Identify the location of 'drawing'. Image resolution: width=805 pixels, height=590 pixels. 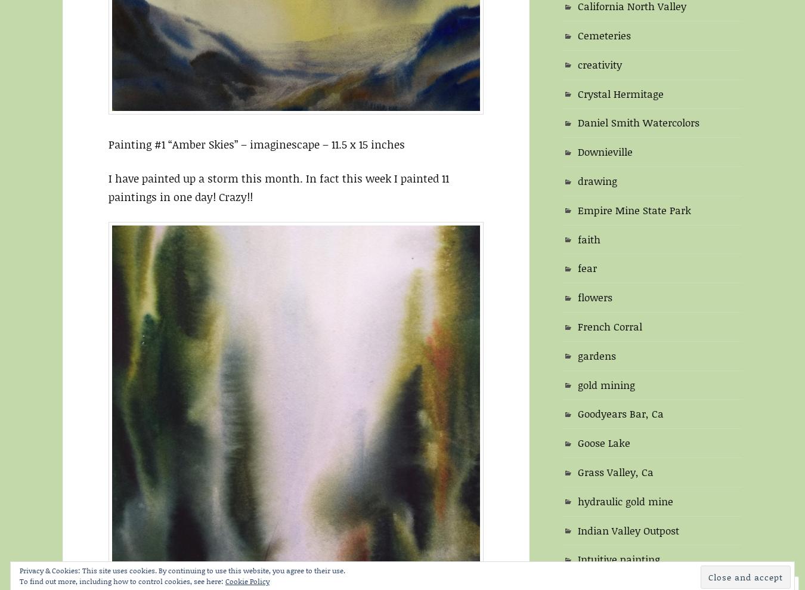
(596, 181).